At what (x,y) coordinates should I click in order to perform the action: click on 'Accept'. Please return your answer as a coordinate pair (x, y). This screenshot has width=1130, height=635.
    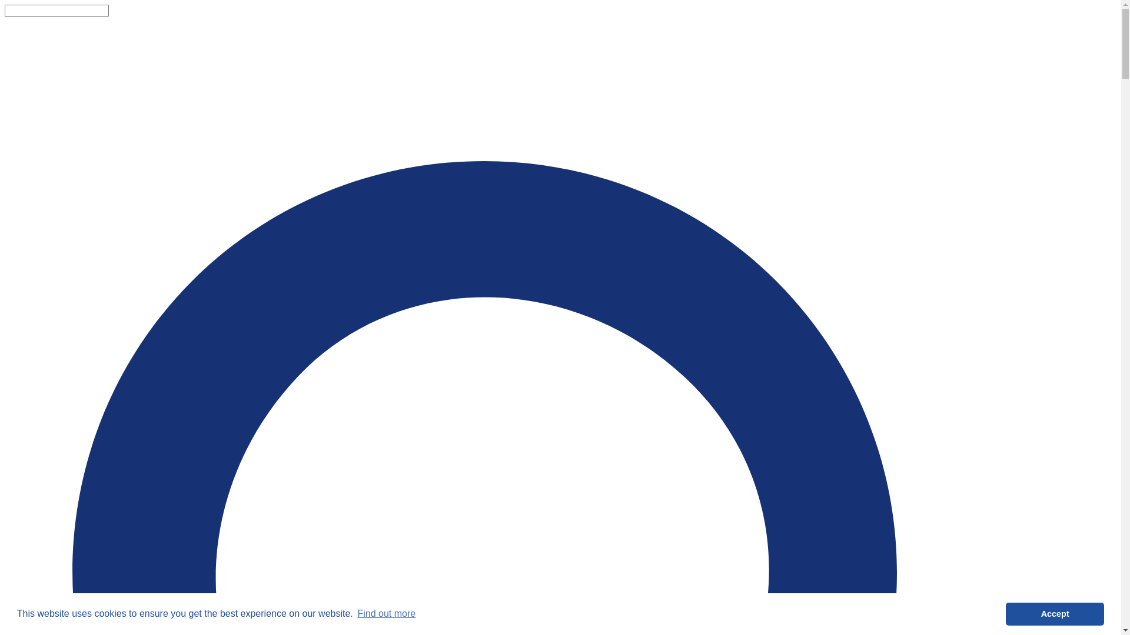
    Looking at the image, I should click on (1055, 613).